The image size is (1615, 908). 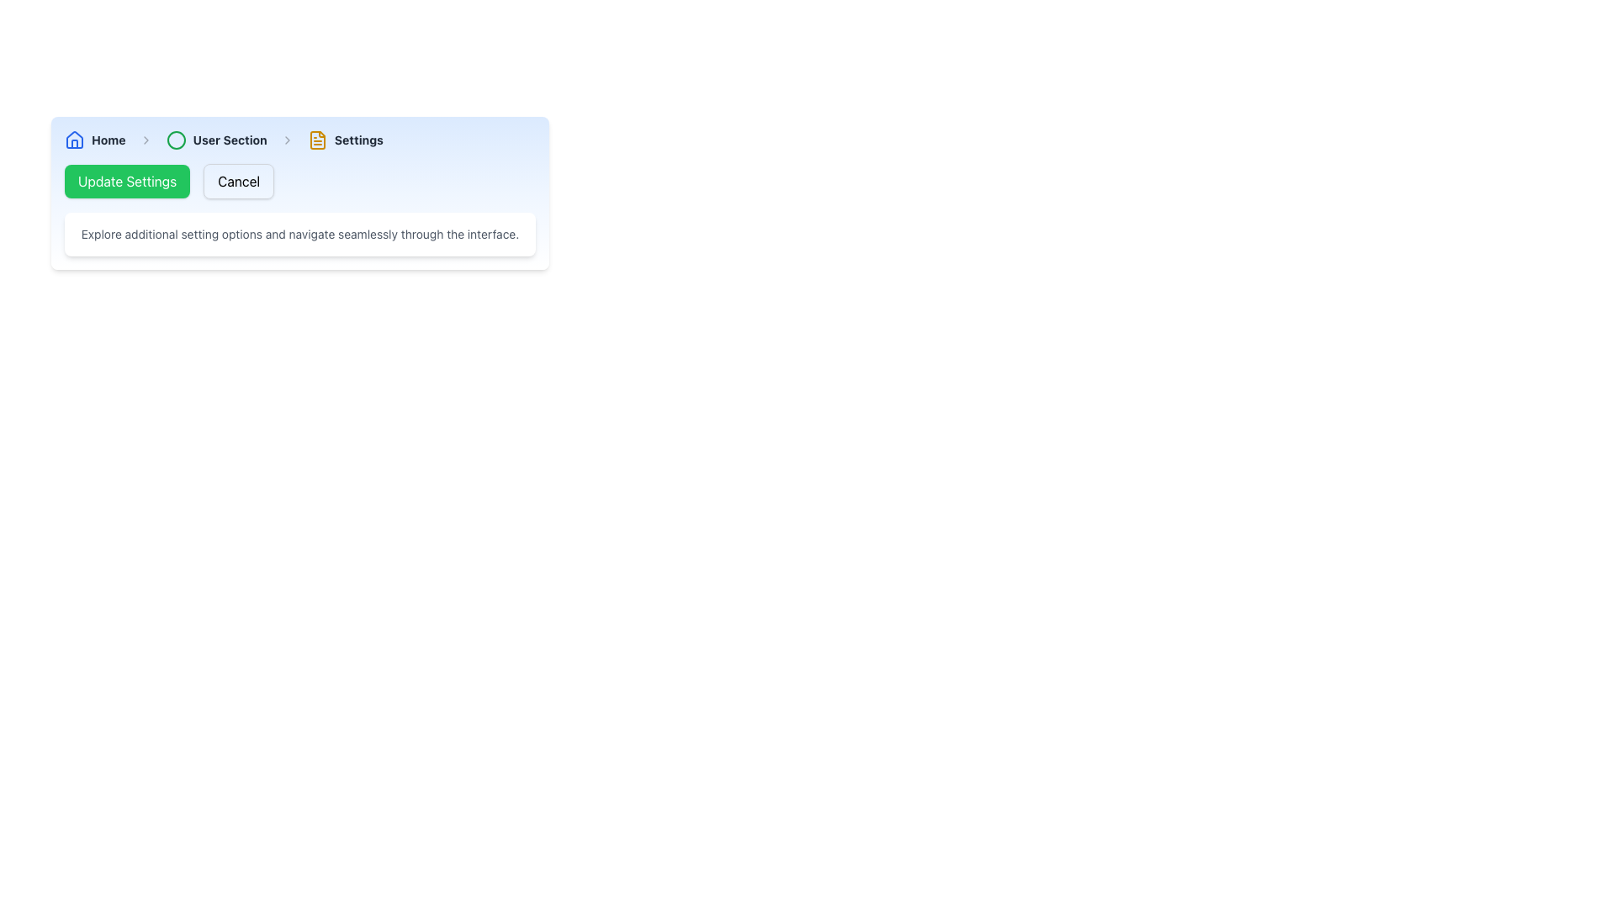 What do you see at coordinates (299, 234) in the screenshot?
I see `the descriptive text box that reads 'Explore additional setting options and navigate seamlessly through the interface', which is positioned below the 'Update Settings' and 'Cancel' buttons` at bounding box center [299, 234].